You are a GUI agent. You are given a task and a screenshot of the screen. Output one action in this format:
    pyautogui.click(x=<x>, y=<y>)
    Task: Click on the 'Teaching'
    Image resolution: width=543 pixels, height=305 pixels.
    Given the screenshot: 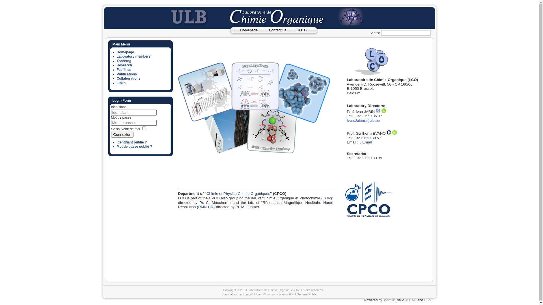 What is the action you would take?
    pyautogui.click(x=123, y=61)
    